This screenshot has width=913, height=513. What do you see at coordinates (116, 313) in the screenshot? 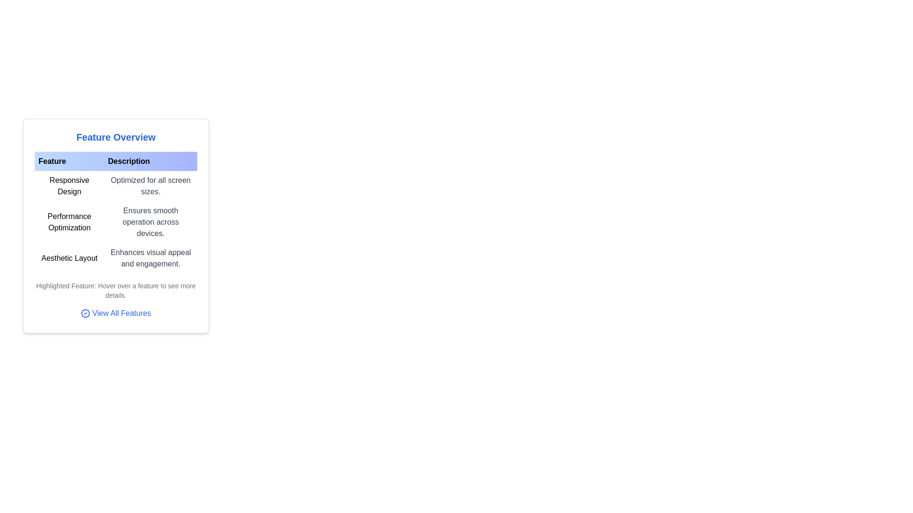
I see `the hyperlink styled in blue with the text 'View All Features' that has a check mark icon to its left, located at the bottom of a centered card` at bounding box center [116, 313].